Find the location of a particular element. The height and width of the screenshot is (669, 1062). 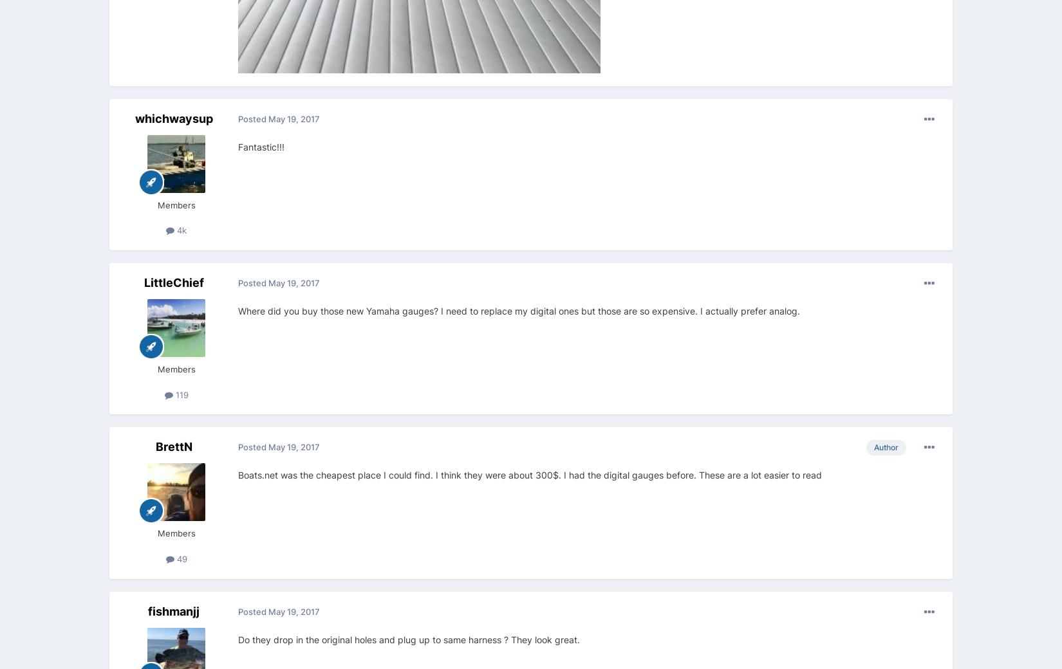

'49' is located at coordinates (180, 557).